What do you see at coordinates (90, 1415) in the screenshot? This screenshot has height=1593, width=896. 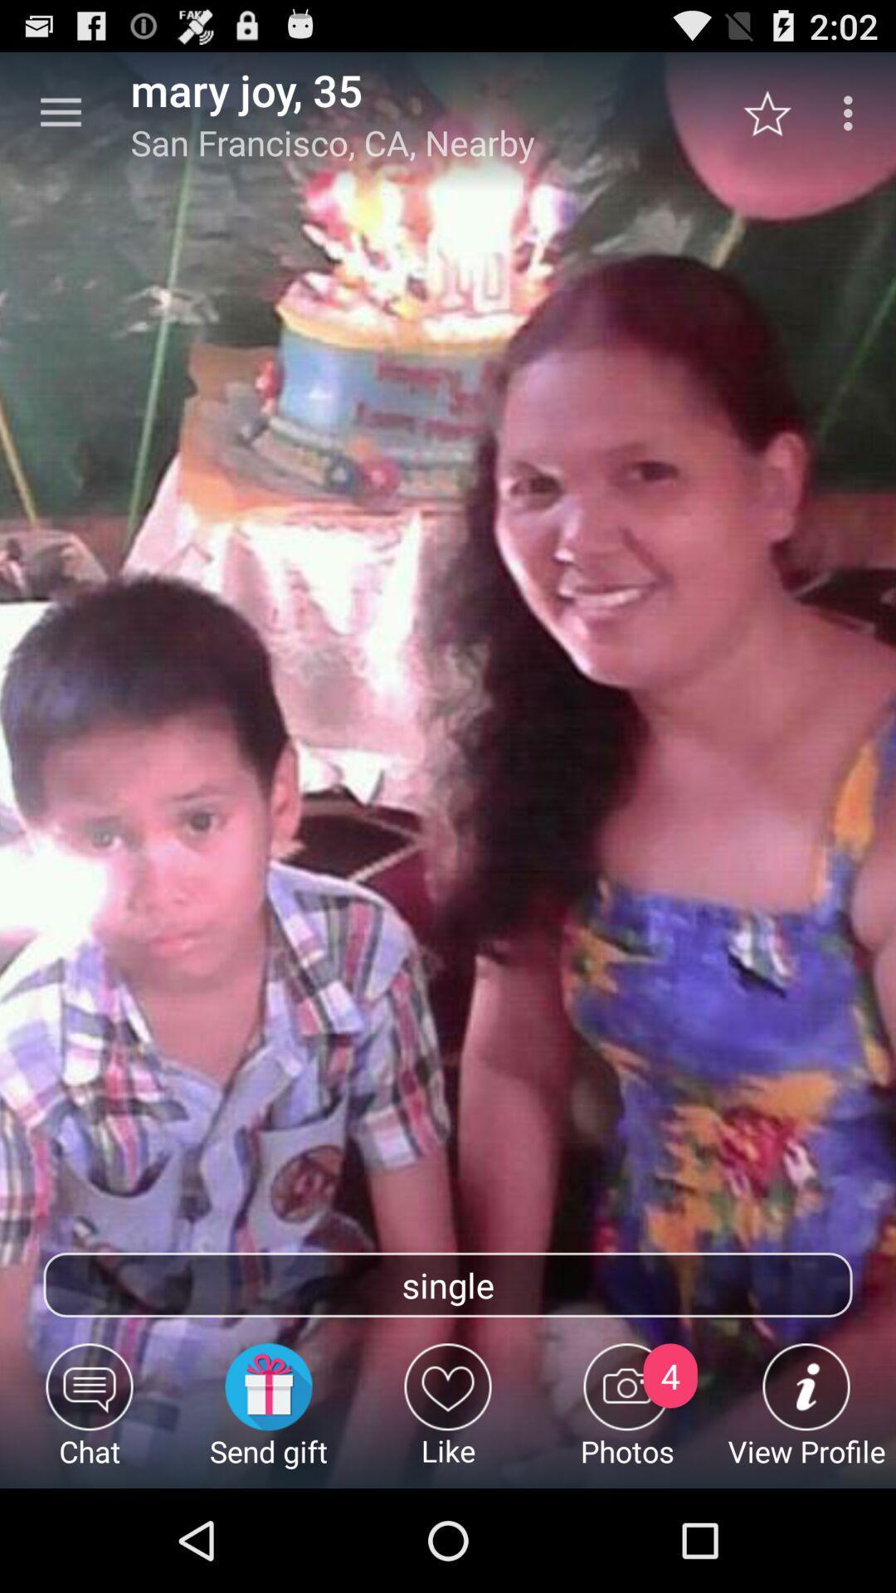 I see `chat` at bounding box center [90, 1415].